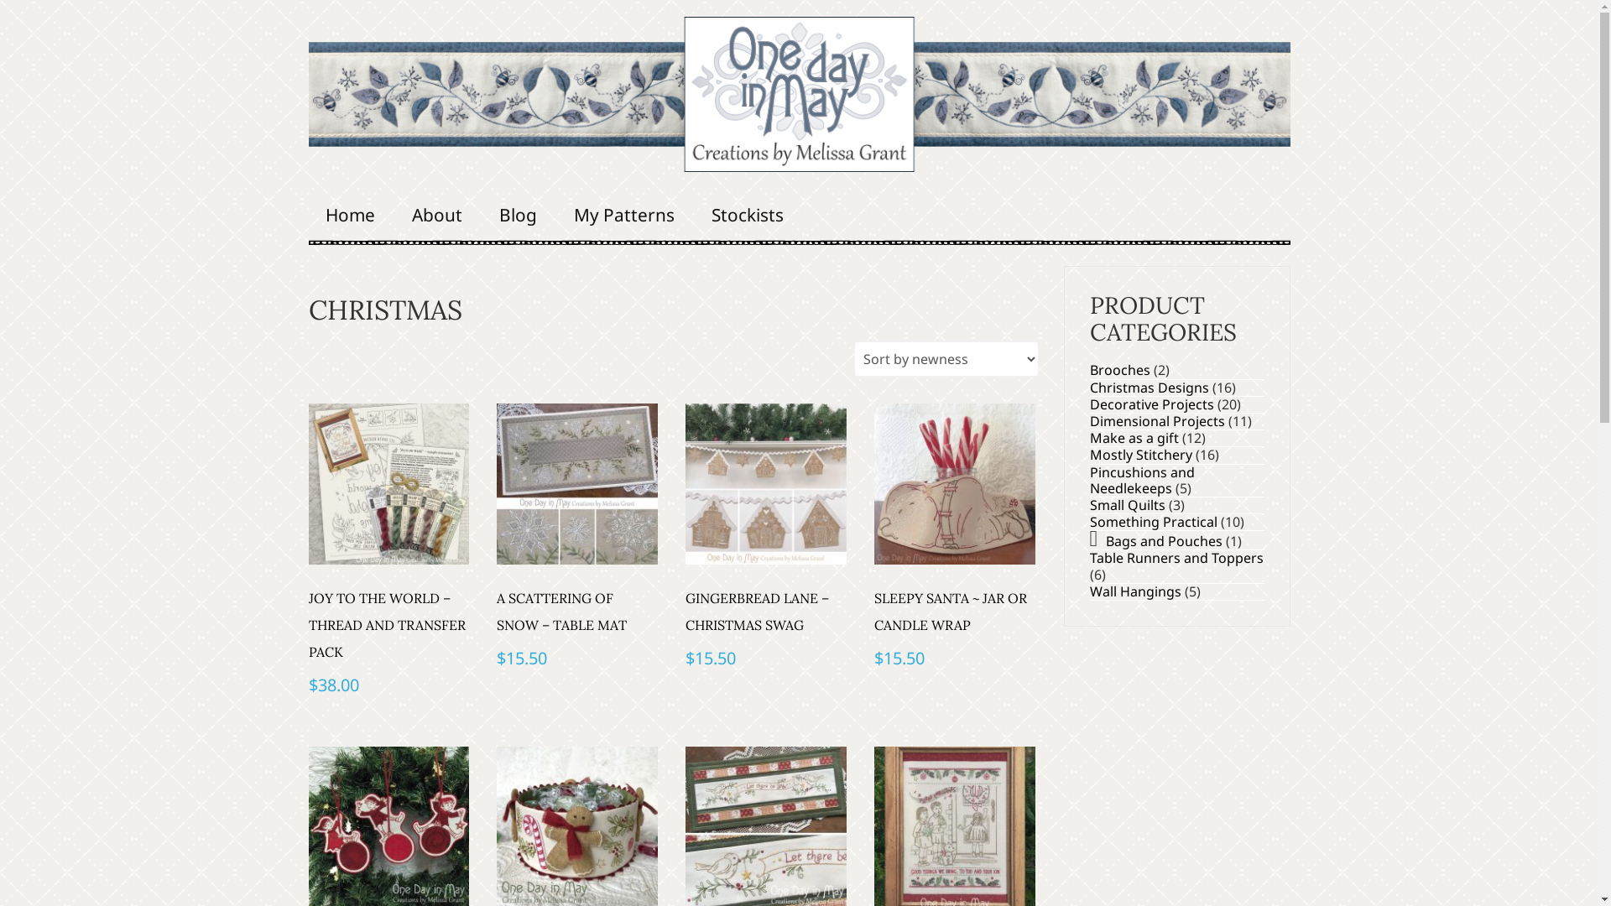 This screenshot has height=906, width=1611. Describe the element at coordinates (1139, 455) in the screenshot. I see `'Mostly Stitchery'` at that location.